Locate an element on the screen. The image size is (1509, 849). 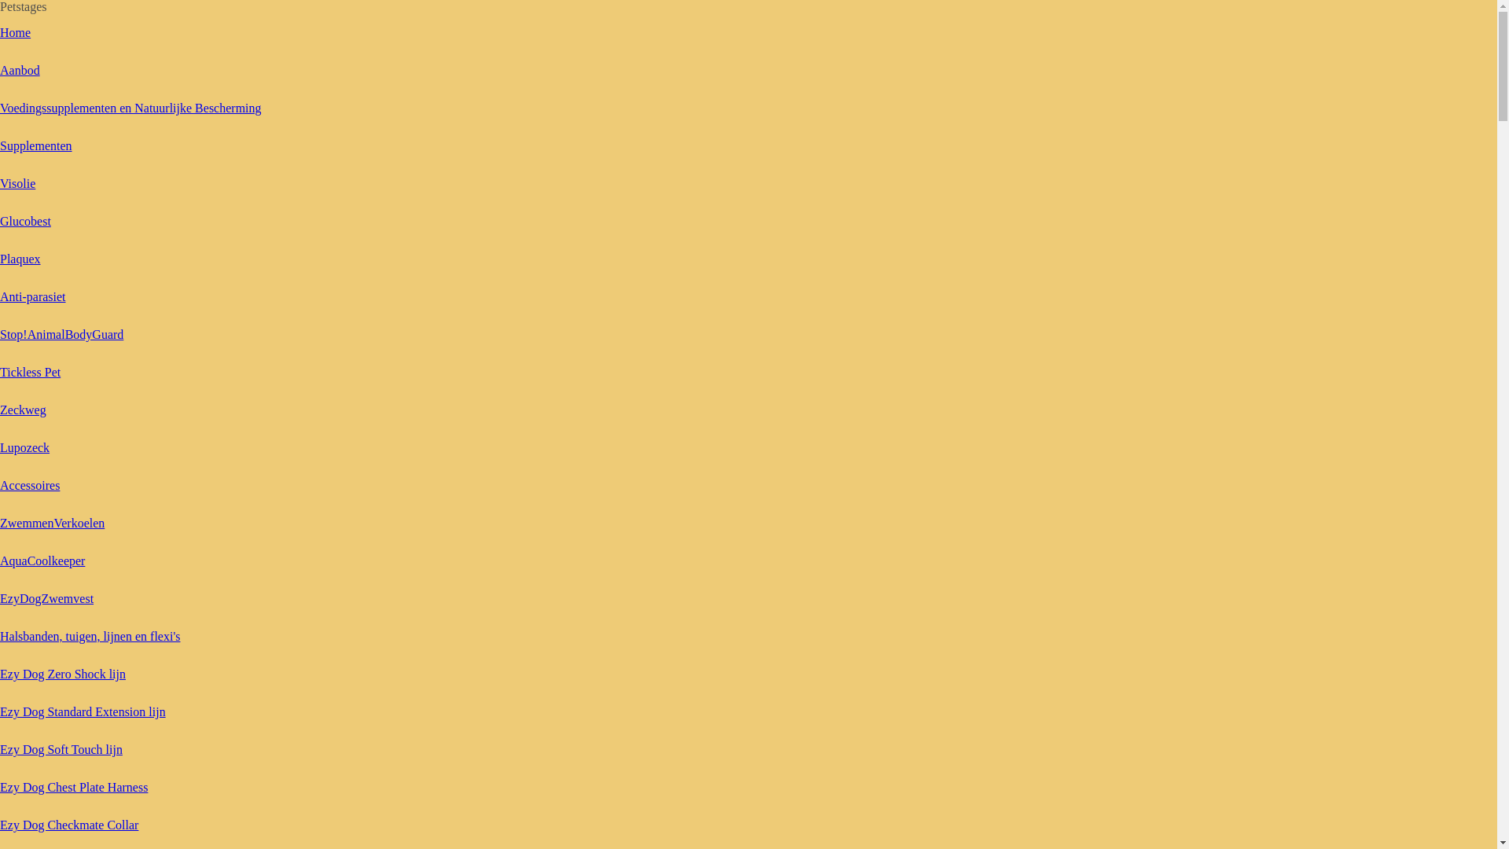
'Visolie' is located at coordinates (17, 182).